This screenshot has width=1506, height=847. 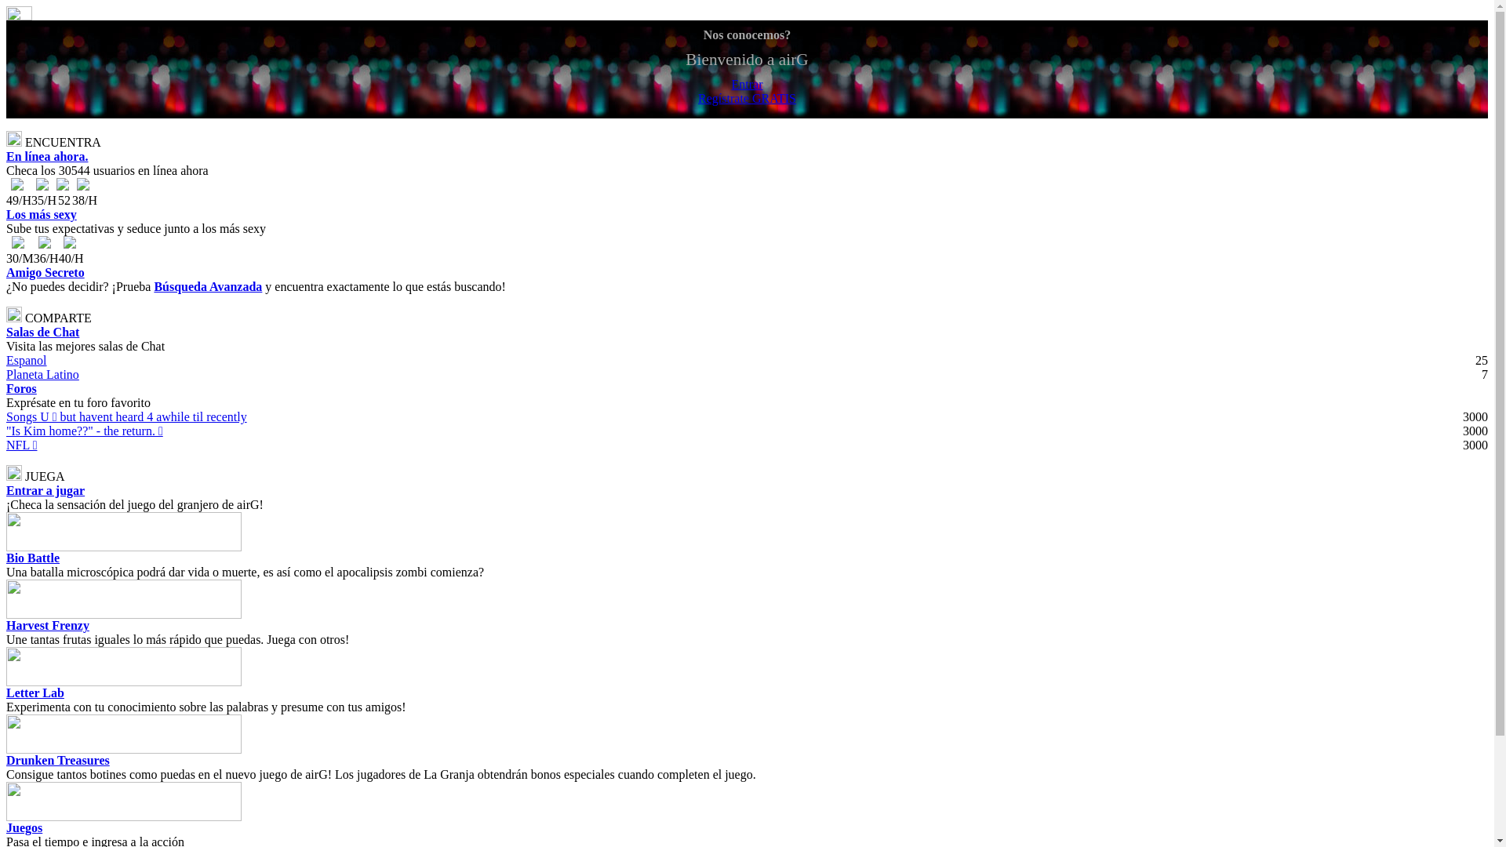 What do you see at coordinates (45, 489) in the screenshot?
I see `'Entrar a jugar'` at bounding box center [45, 489].